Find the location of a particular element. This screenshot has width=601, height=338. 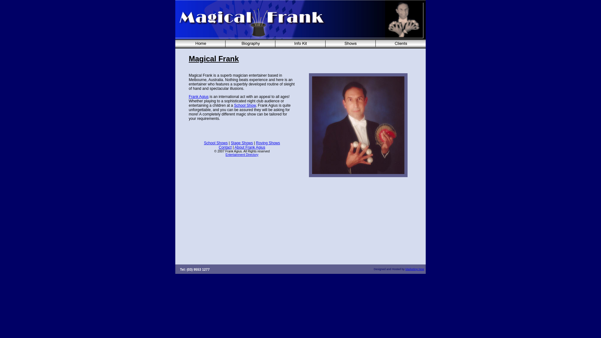

'Frank Agius' is located at coordinates (198, 96).